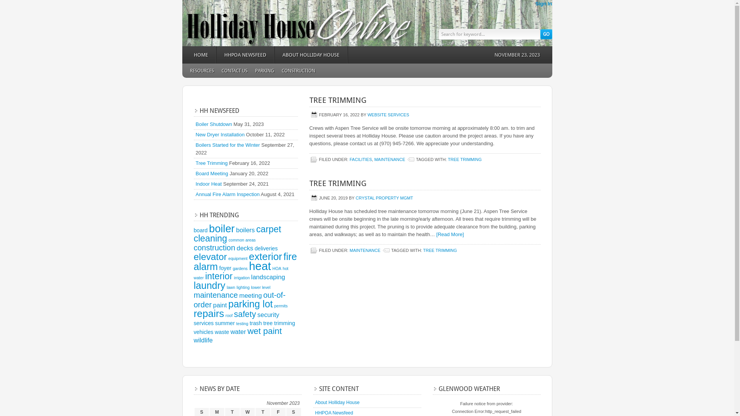  What do you see at coordinates (193, 248) in the screenshot?
I see `'construction'` at bounding box center [193, 248].